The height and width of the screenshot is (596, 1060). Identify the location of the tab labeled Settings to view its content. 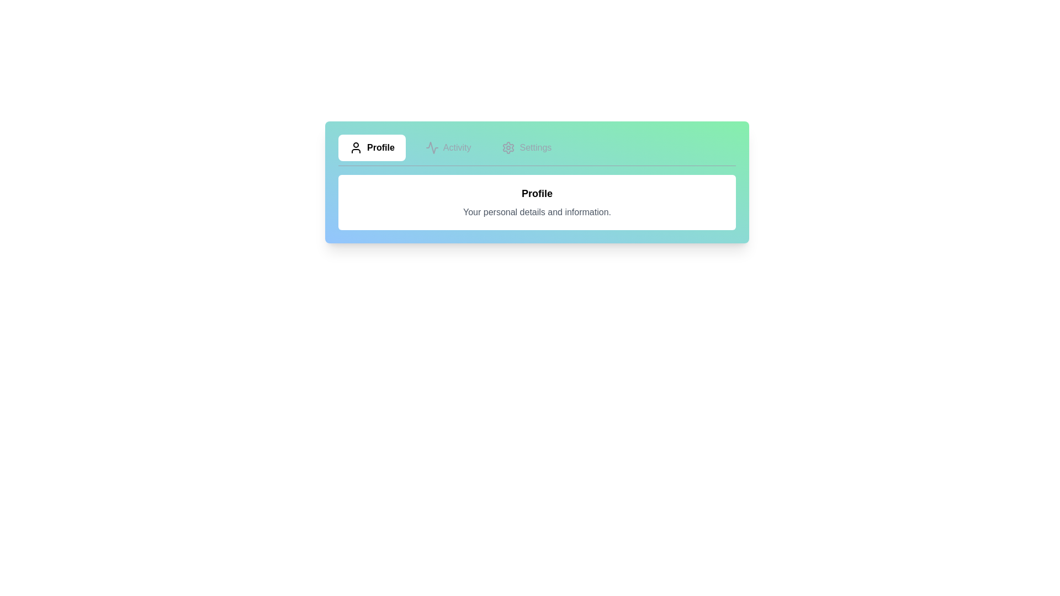
(526, 147).